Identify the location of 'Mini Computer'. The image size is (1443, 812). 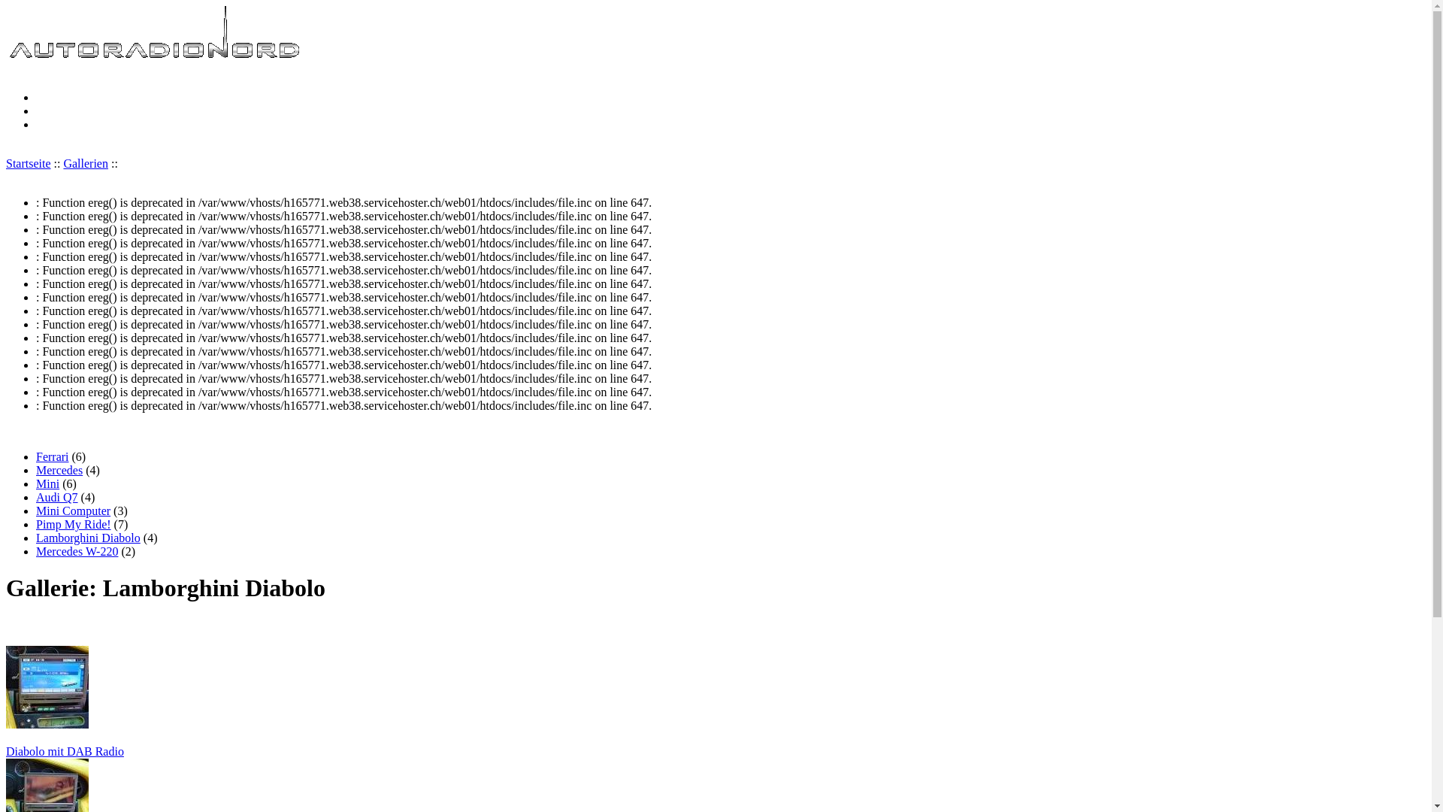
(72, 510).